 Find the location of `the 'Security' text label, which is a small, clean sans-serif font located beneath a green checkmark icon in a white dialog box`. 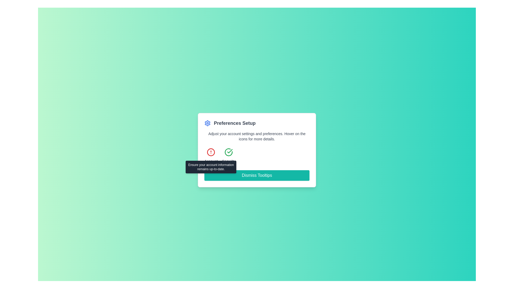

the 'Security' text label, which is a small, clean sans-serif font located beneath a green checkmark icon in a white dialog box is located at coordinates (228, 161).